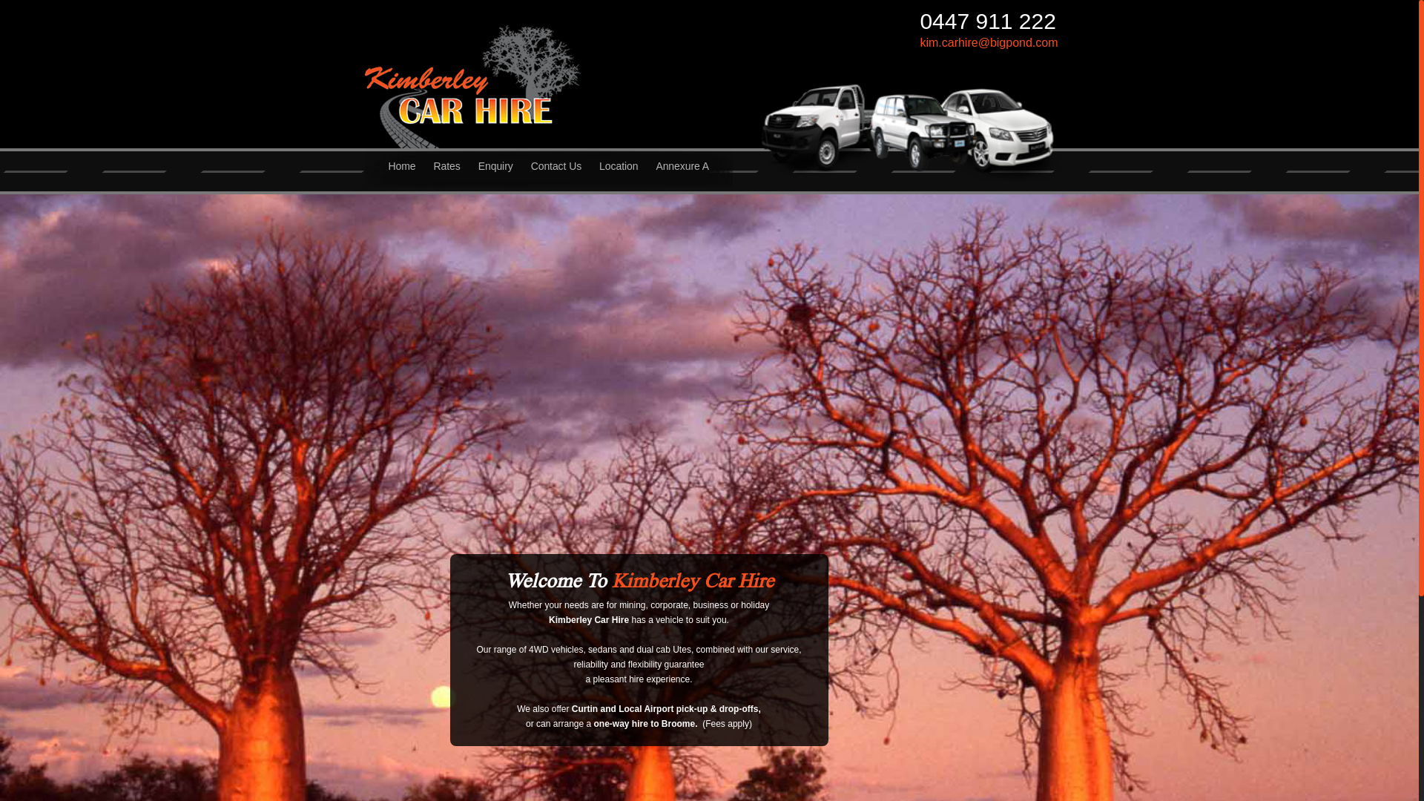 The image size is (1424, 801). What do you see at coordinates (495, 173) in the screenshot?
I see `'Enquiry'` at bounding box center [495, 173].